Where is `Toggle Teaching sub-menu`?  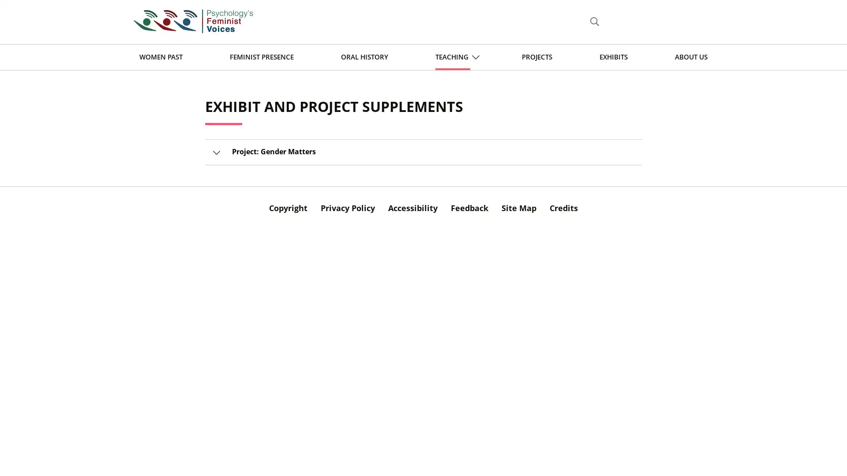
Toggle Teaching sub-menu is located at coordinates (475, 57).